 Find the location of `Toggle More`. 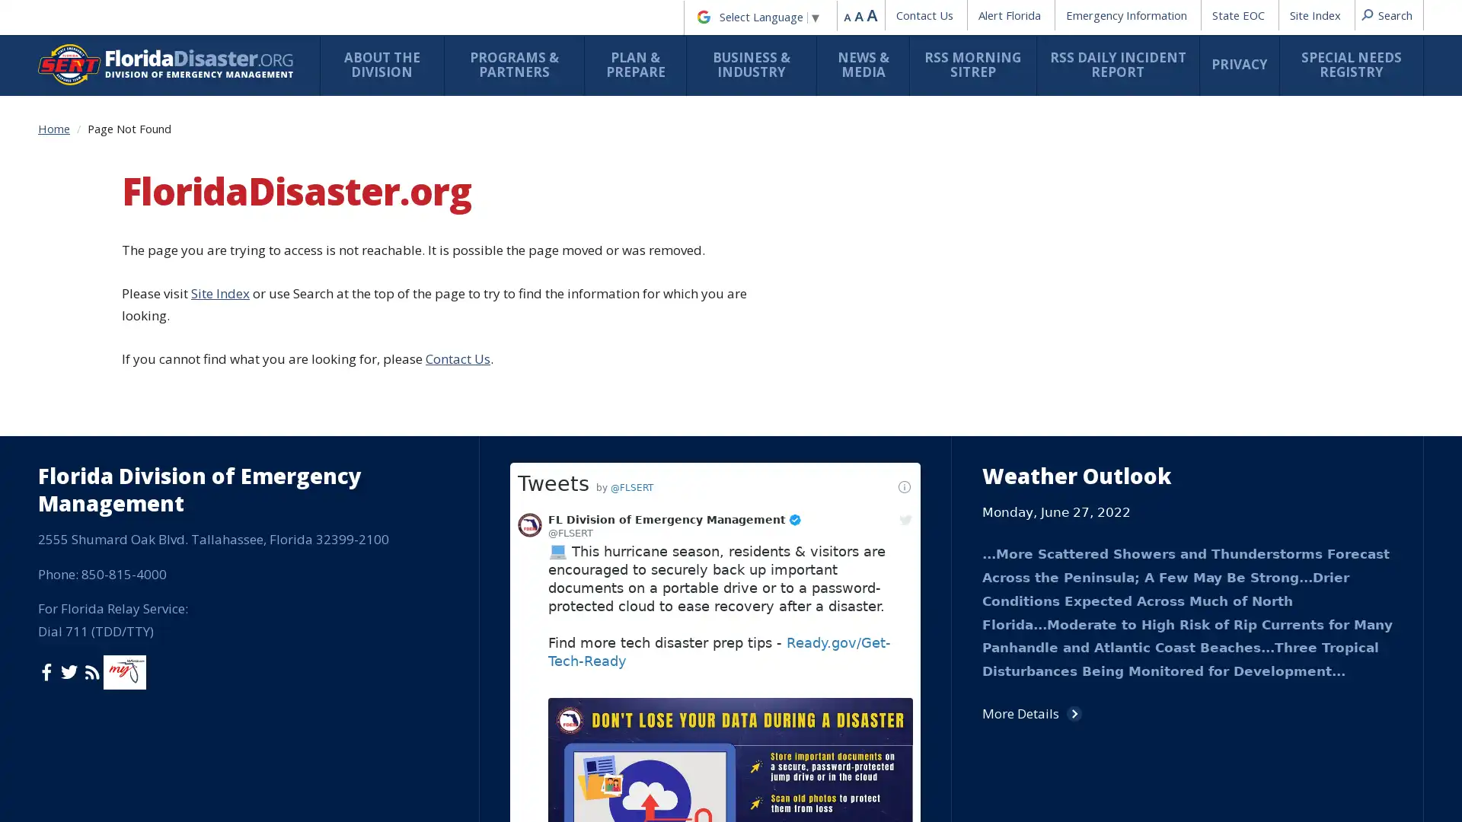

Toggle More is located at coordinates (457, 237).